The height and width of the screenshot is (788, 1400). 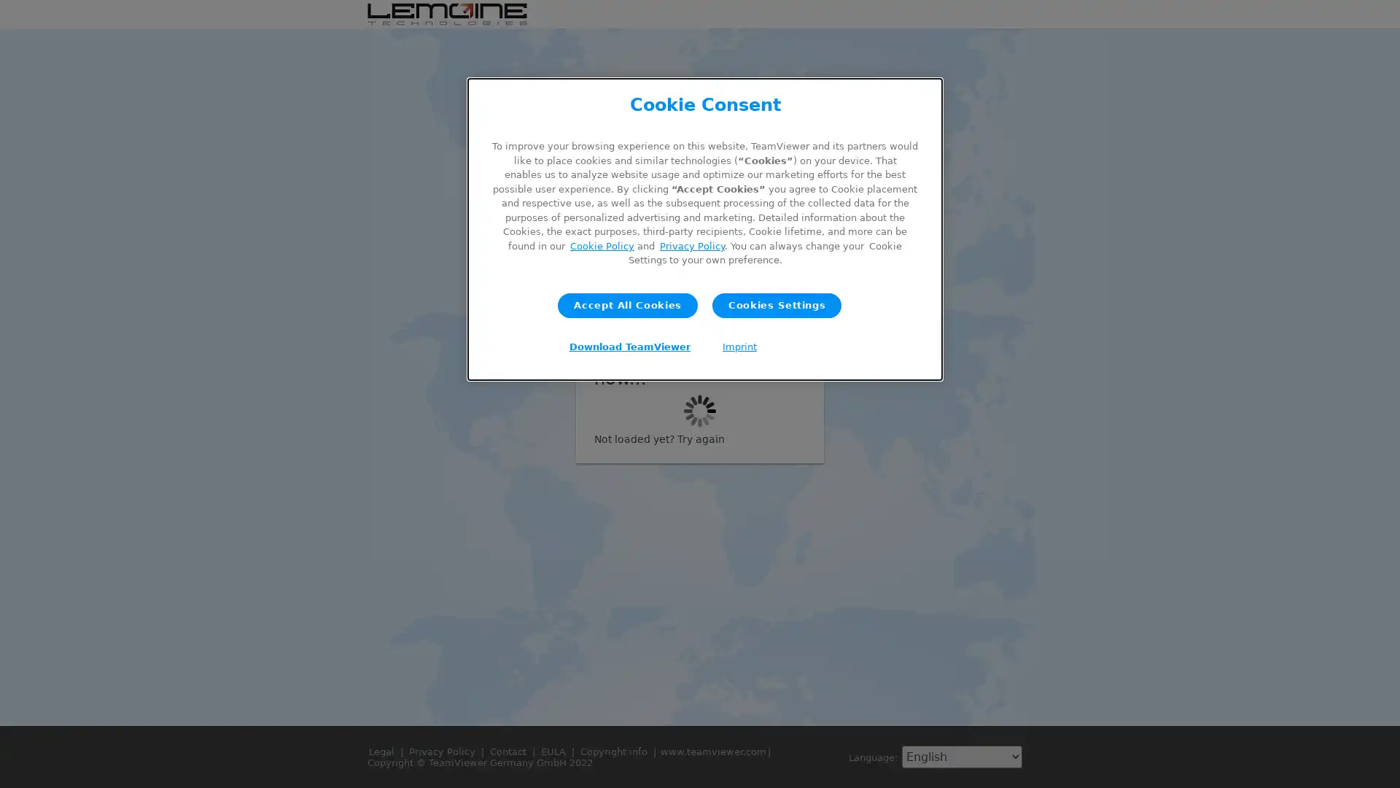 I want to click on Accept All Cookies, so click(x=627, y=304).